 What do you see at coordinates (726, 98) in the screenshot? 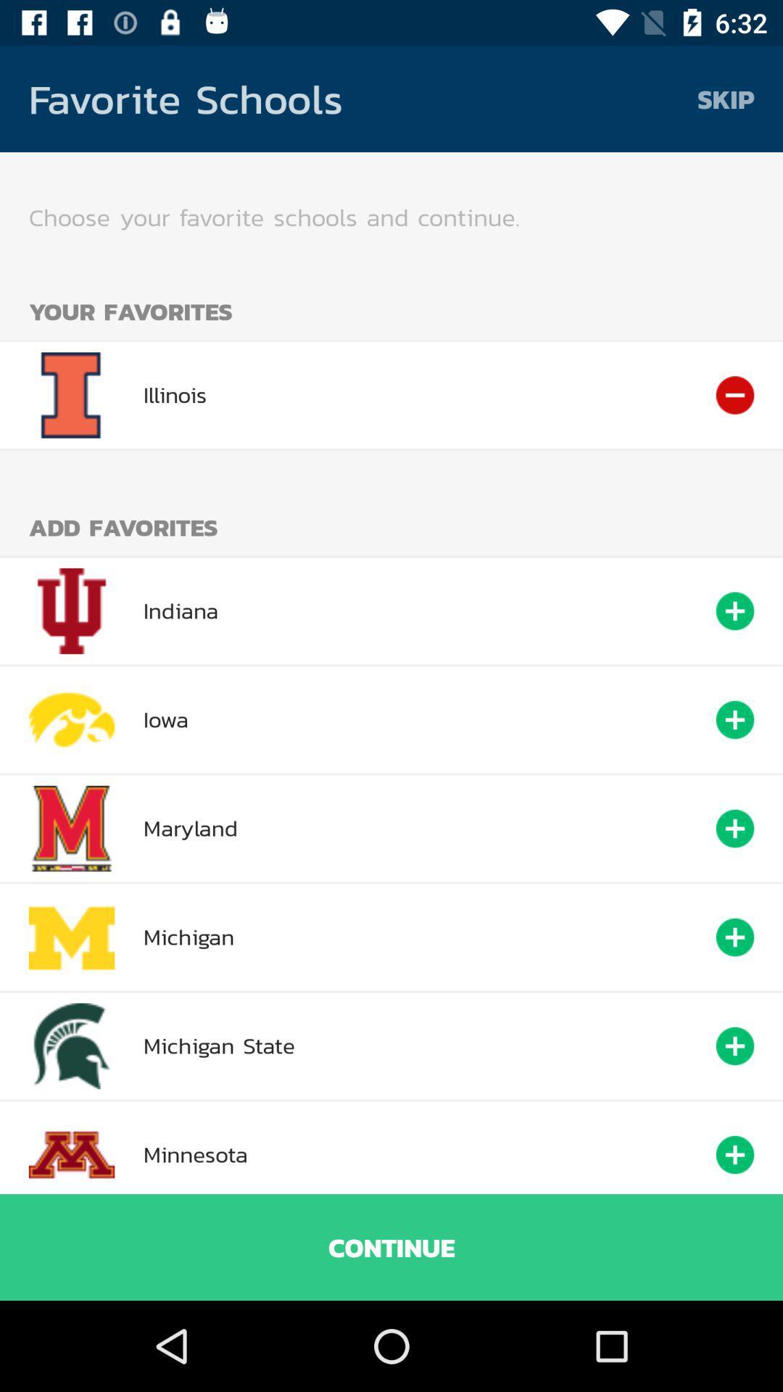
I see `the skip` at bounding box center [726, 98].